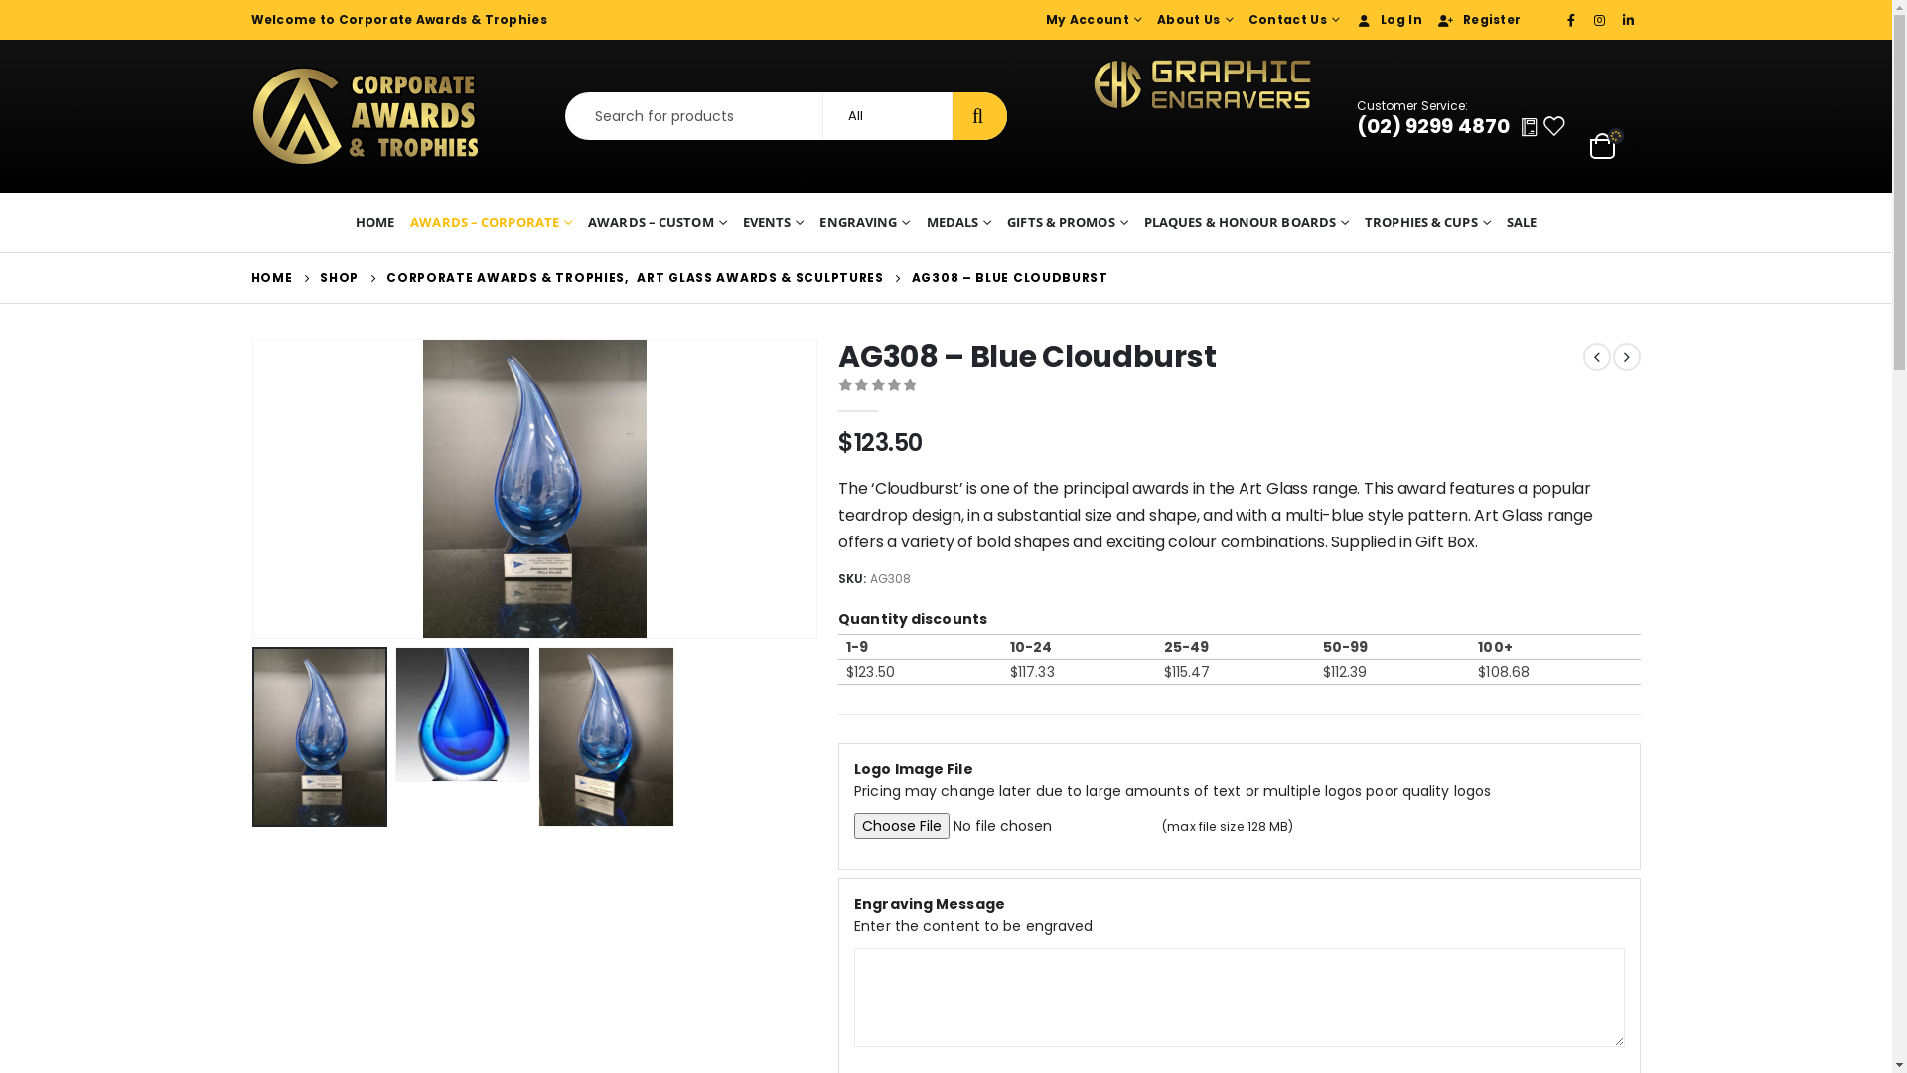 This screenshot has width=1907, height=1073. Describe the element at coordinates (1426, 222) in the screenshot. I see `'TROPHIES & CUPS'` at that location.